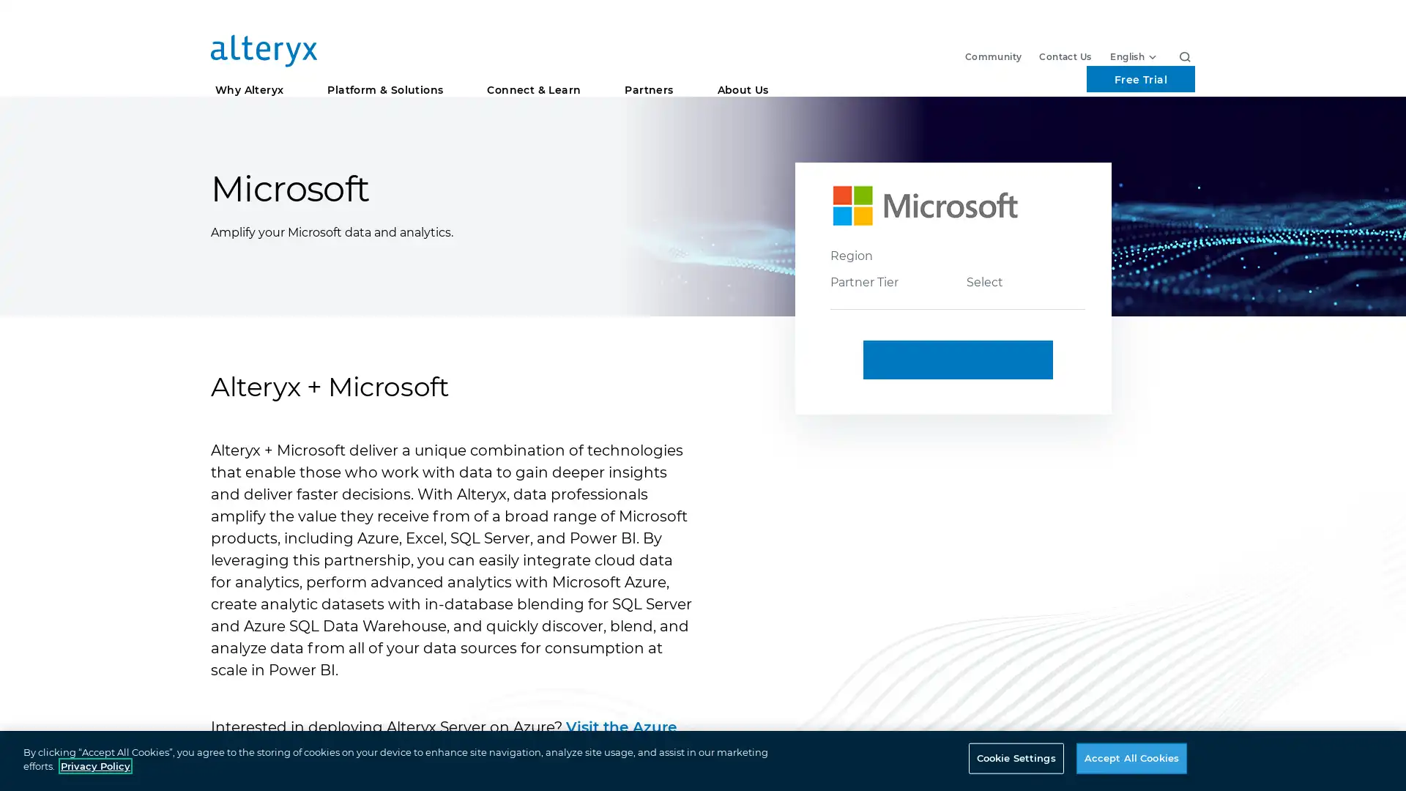  Describe the element at coordinates (1131, 757) in the screenshot. I see `Accept All Cookies` at that location.